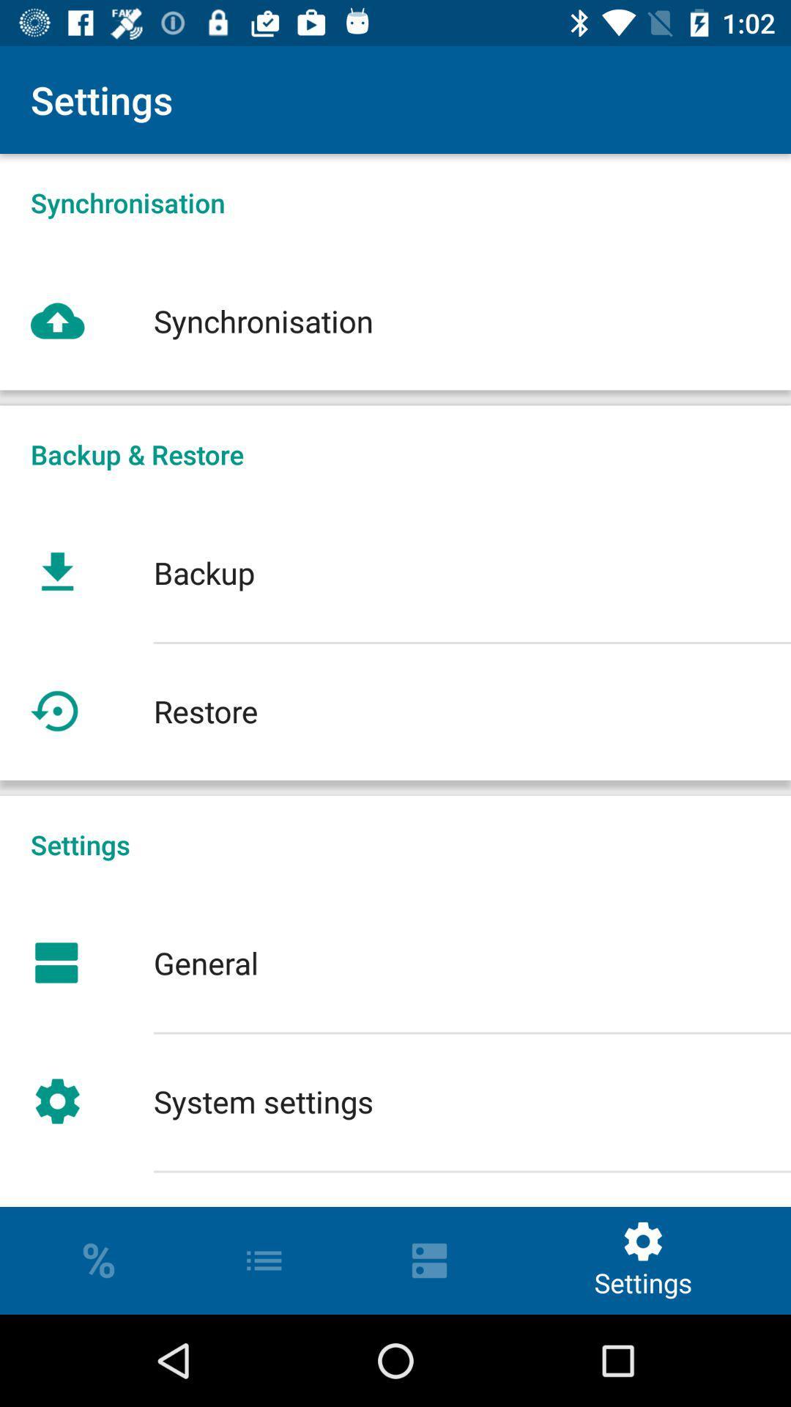 The image size is (791, 1407). I want to click on item above the sort order settings item, so click(395, 1101).